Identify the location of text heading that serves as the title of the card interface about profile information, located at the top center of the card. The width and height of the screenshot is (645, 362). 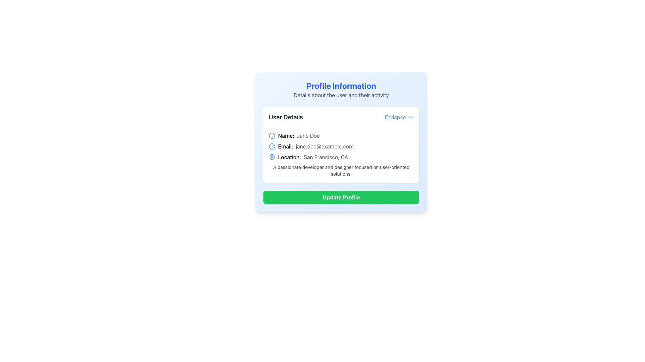
(341, 85).